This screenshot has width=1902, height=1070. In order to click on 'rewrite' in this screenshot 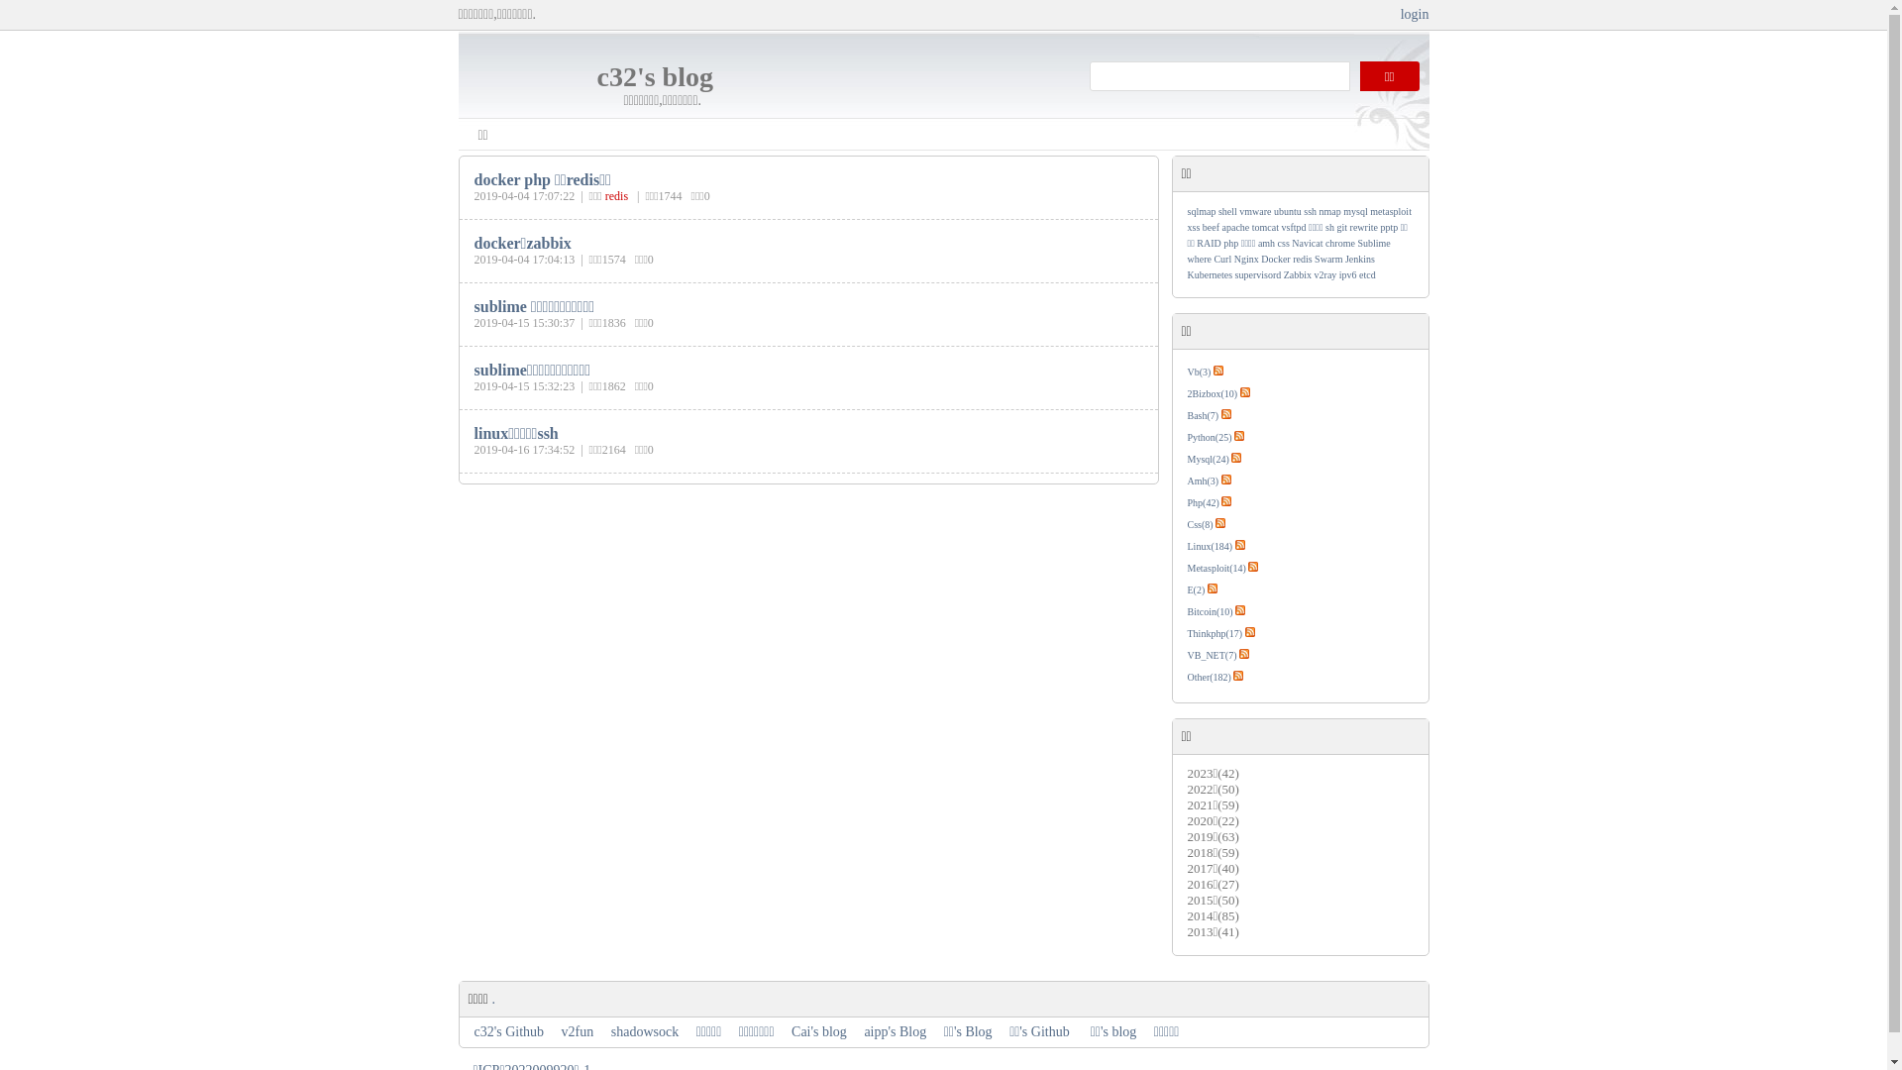, I will do `click(1363, 226)`.